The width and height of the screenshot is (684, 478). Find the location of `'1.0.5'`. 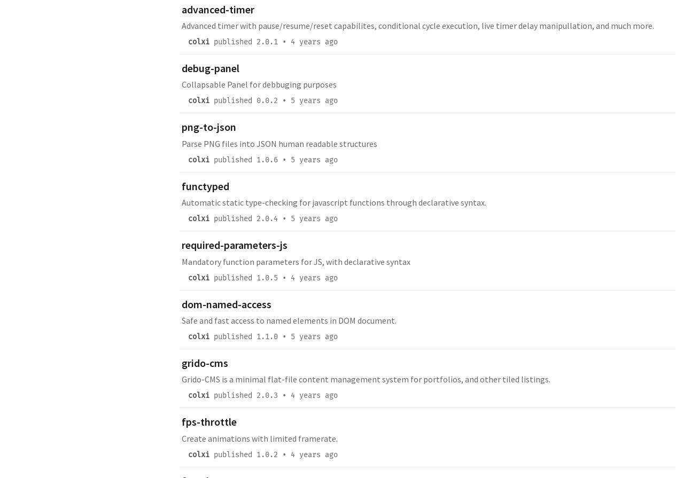

'1.0.5' is located at coordinates (267, 277).